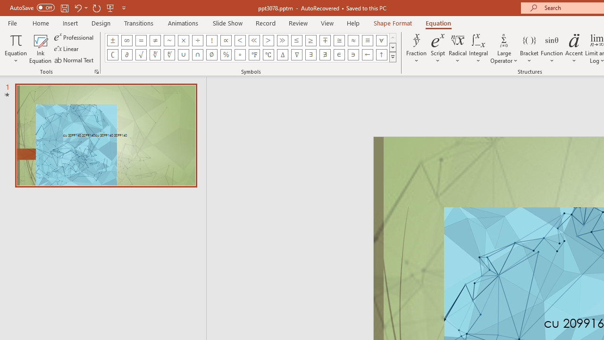  Describe the element at coordinates (268, 54) in the screenshot. I see `'Equation Symbol Degrees Celsius'` at that location.